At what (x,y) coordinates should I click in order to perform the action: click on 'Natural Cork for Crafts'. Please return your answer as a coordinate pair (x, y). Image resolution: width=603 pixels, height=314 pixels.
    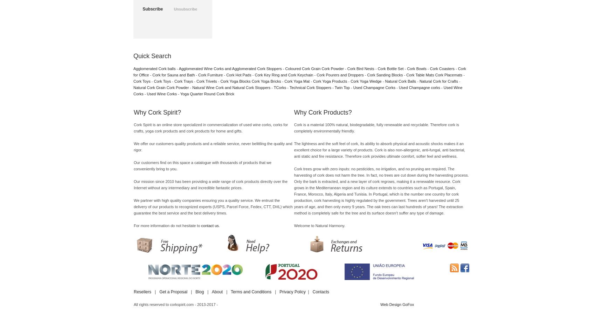
    Looking at the image, I should click on (418, 80).